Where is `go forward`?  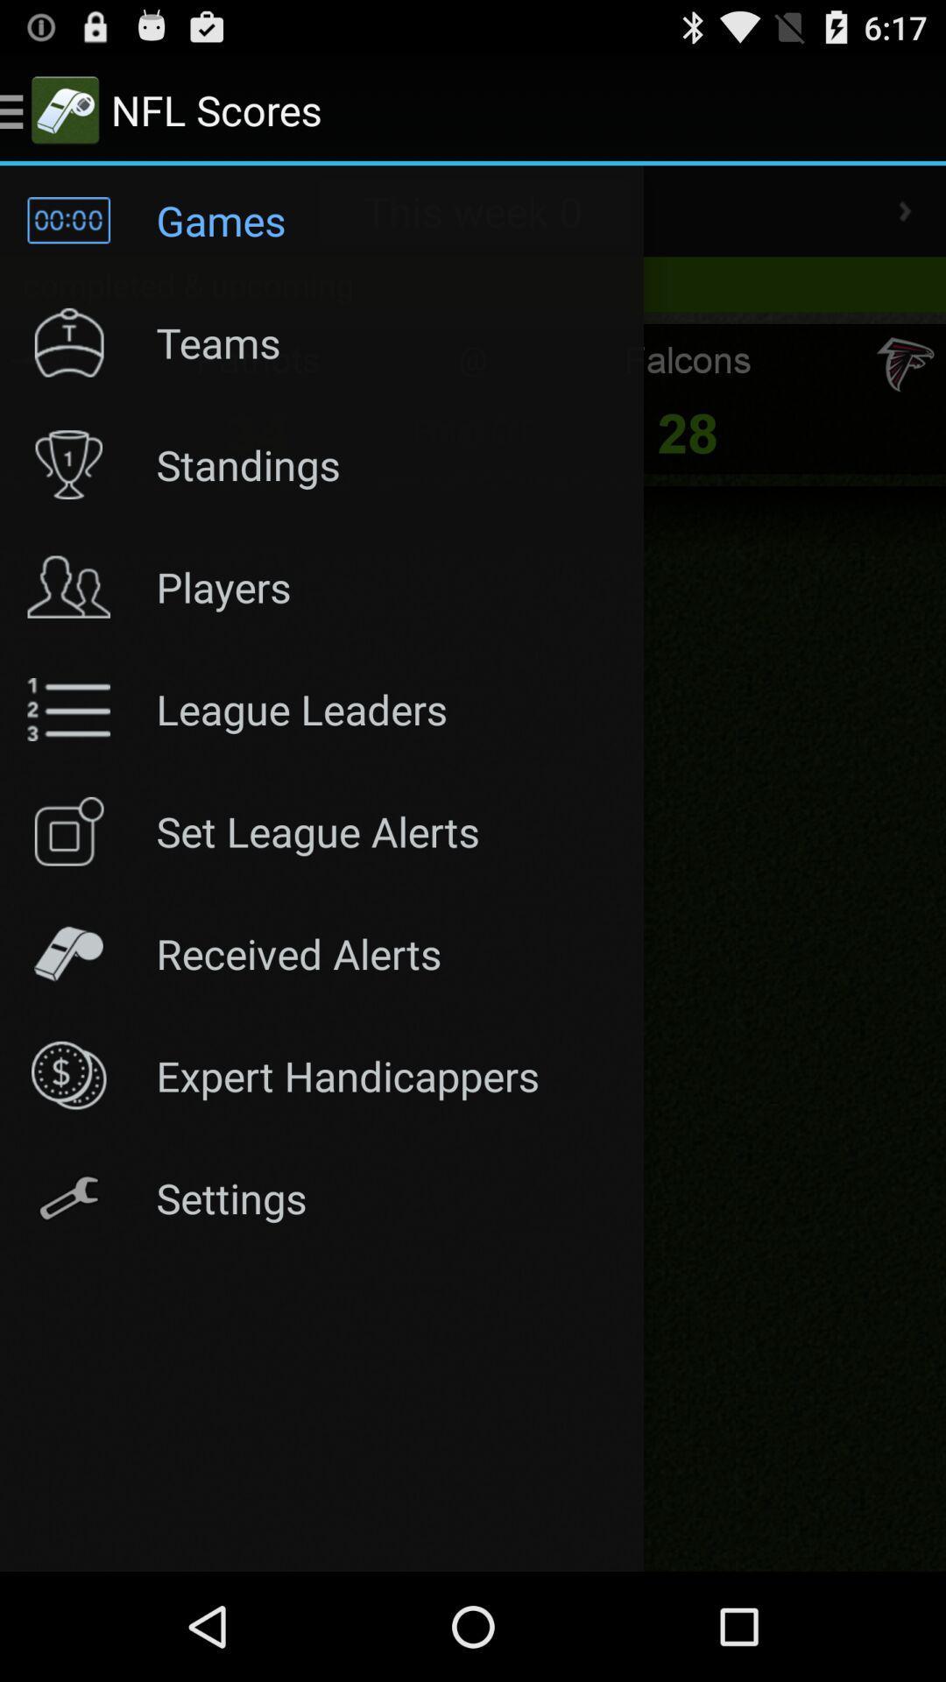 go forward is located at coordinates (905, 210).